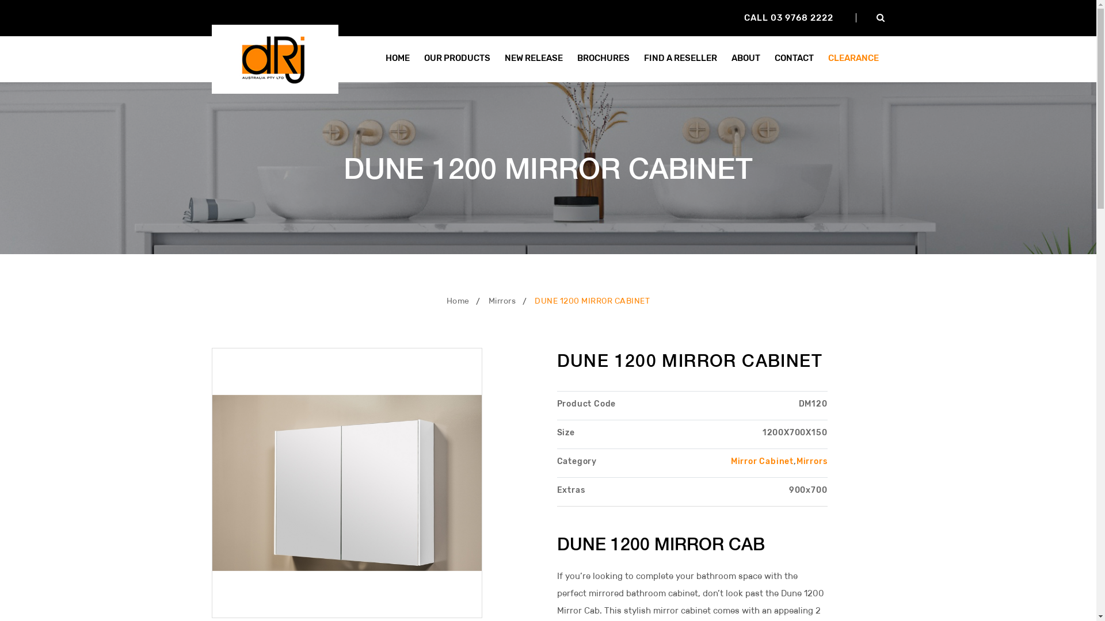 The height and width of the screenshot is (621, 1105). Describe the element at coordinates (792, 58) in the screenshot. I see `'CONTACT'` at that location.